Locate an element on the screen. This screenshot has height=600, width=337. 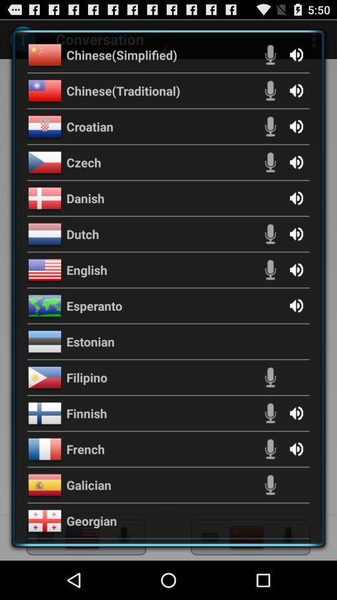
app below the french app is located at coordinates (88, 484).